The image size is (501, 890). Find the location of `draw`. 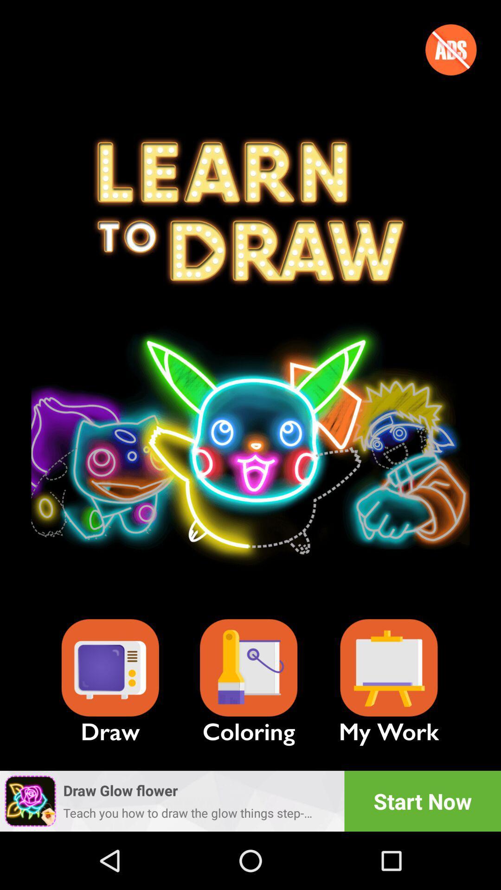

draw is located at coordinates (109, 668).